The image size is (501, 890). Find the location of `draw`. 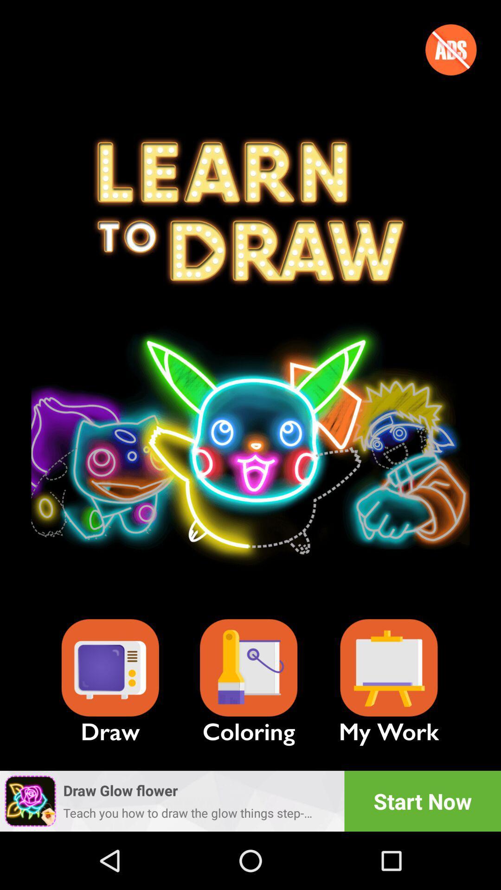

draw is located at coordinates (109, 668).